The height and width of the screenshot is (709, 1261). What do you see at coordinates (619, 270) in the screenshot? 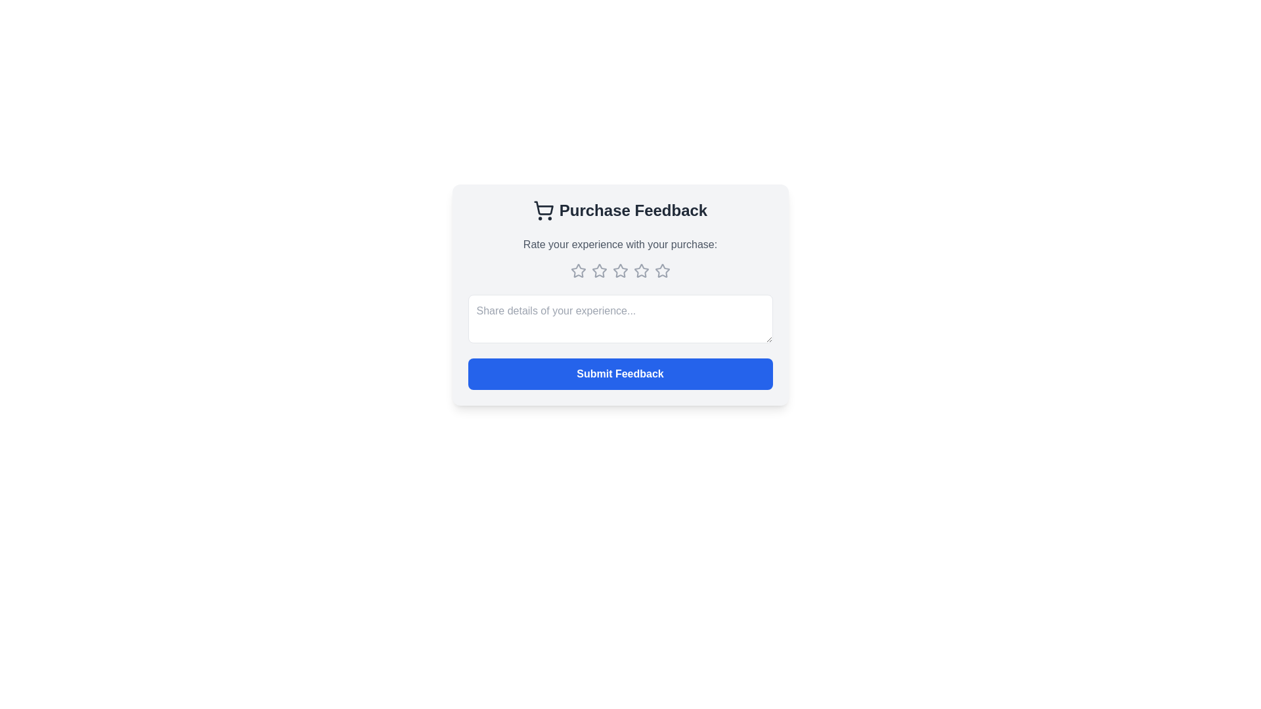
I see `the third star icon in the five-star rating system` at bounding box center [619, 270].